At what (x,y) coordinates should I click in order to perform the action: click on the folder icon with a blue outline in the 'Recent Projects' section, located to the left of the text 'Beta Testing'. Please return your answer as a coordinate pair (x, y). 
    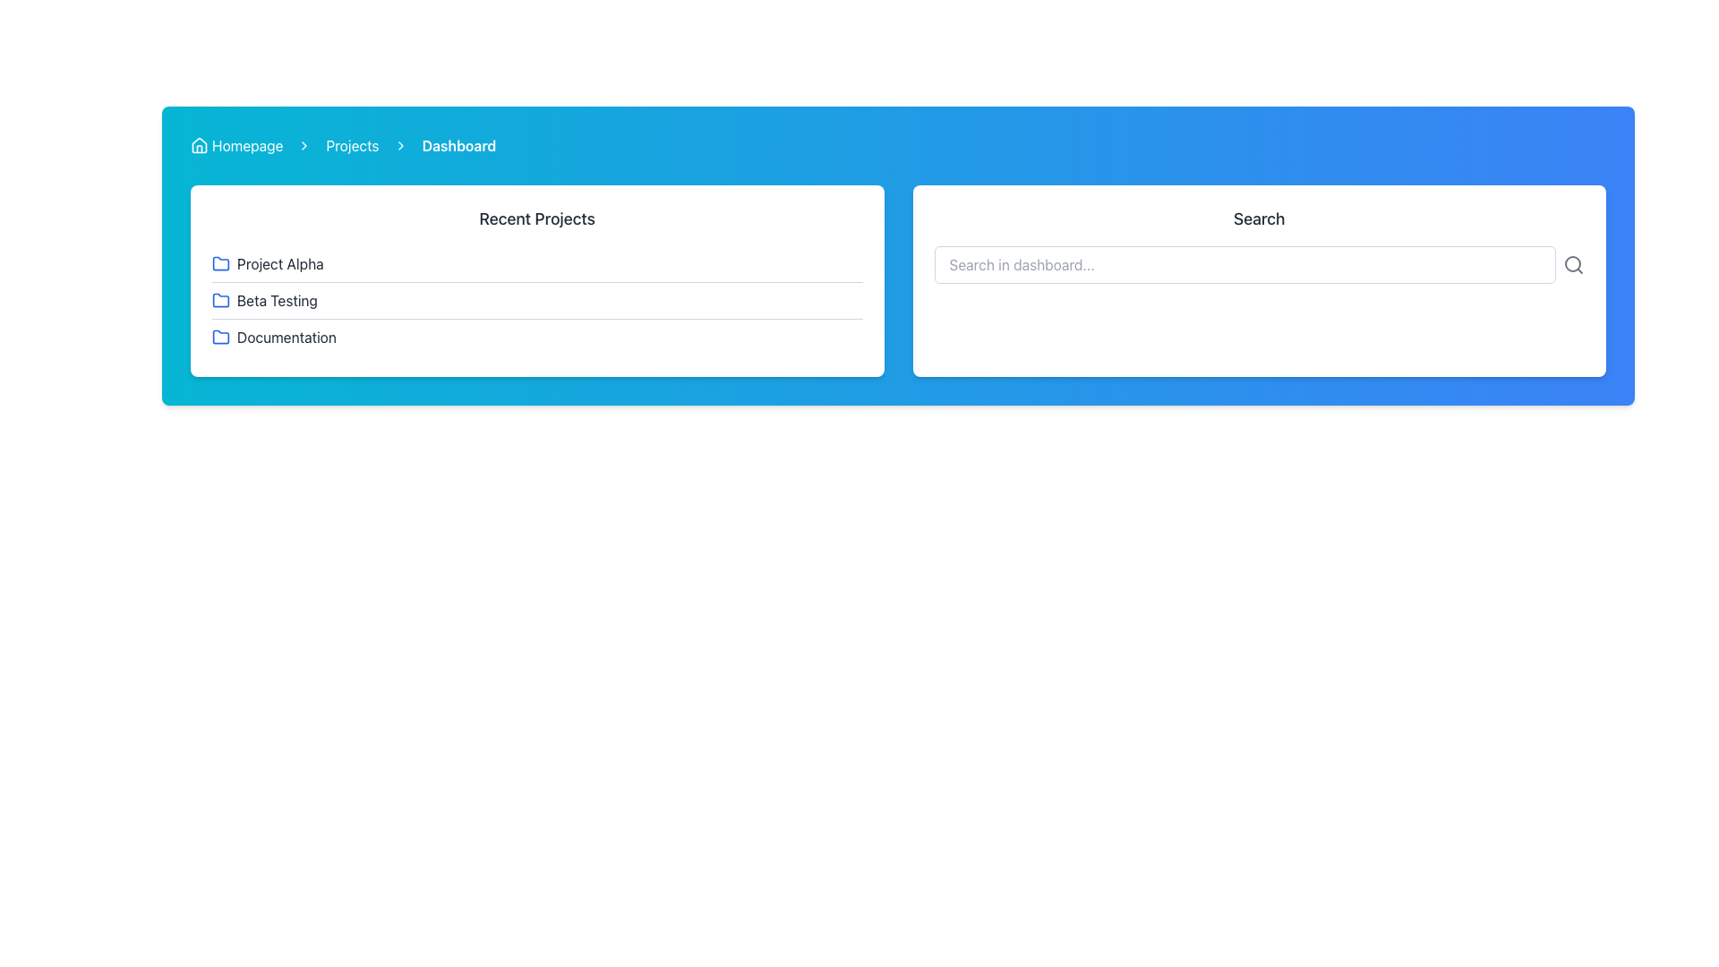
    Looking at the image, I should click on (219, 299).